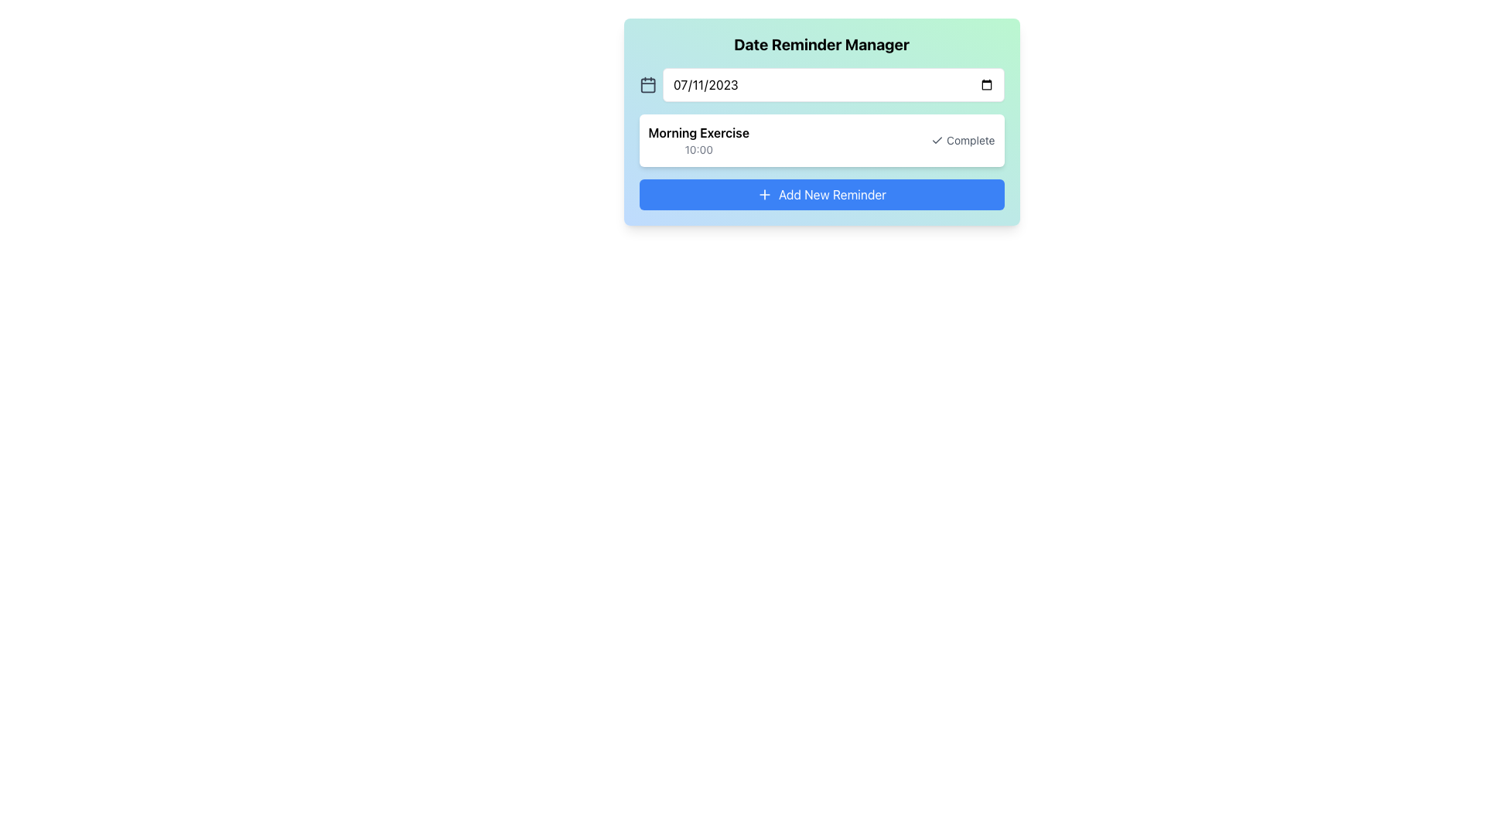 Image resolution: width=1485 pixels, height=835 pixels. What do you see at coordinates (698, 149) in the screenshot?
I see `the text element displaying the scheduled time for the task 'Morning Exercise', which is positioned directly below the task title and above the 'Complete' button` at bounding box center [698, 149].